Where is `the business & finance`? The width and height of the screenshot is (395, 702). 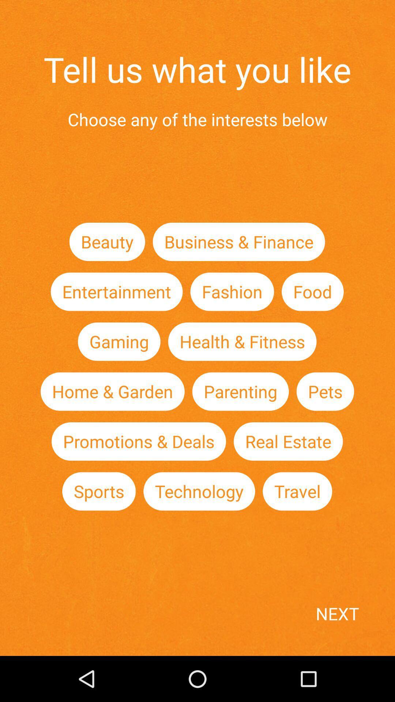
the business & finance is located at coordinates (239, 242).